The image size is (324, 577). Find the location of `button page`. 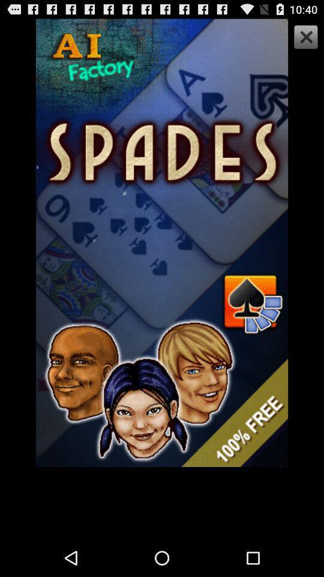

button page is located at coordinates (304, 38).